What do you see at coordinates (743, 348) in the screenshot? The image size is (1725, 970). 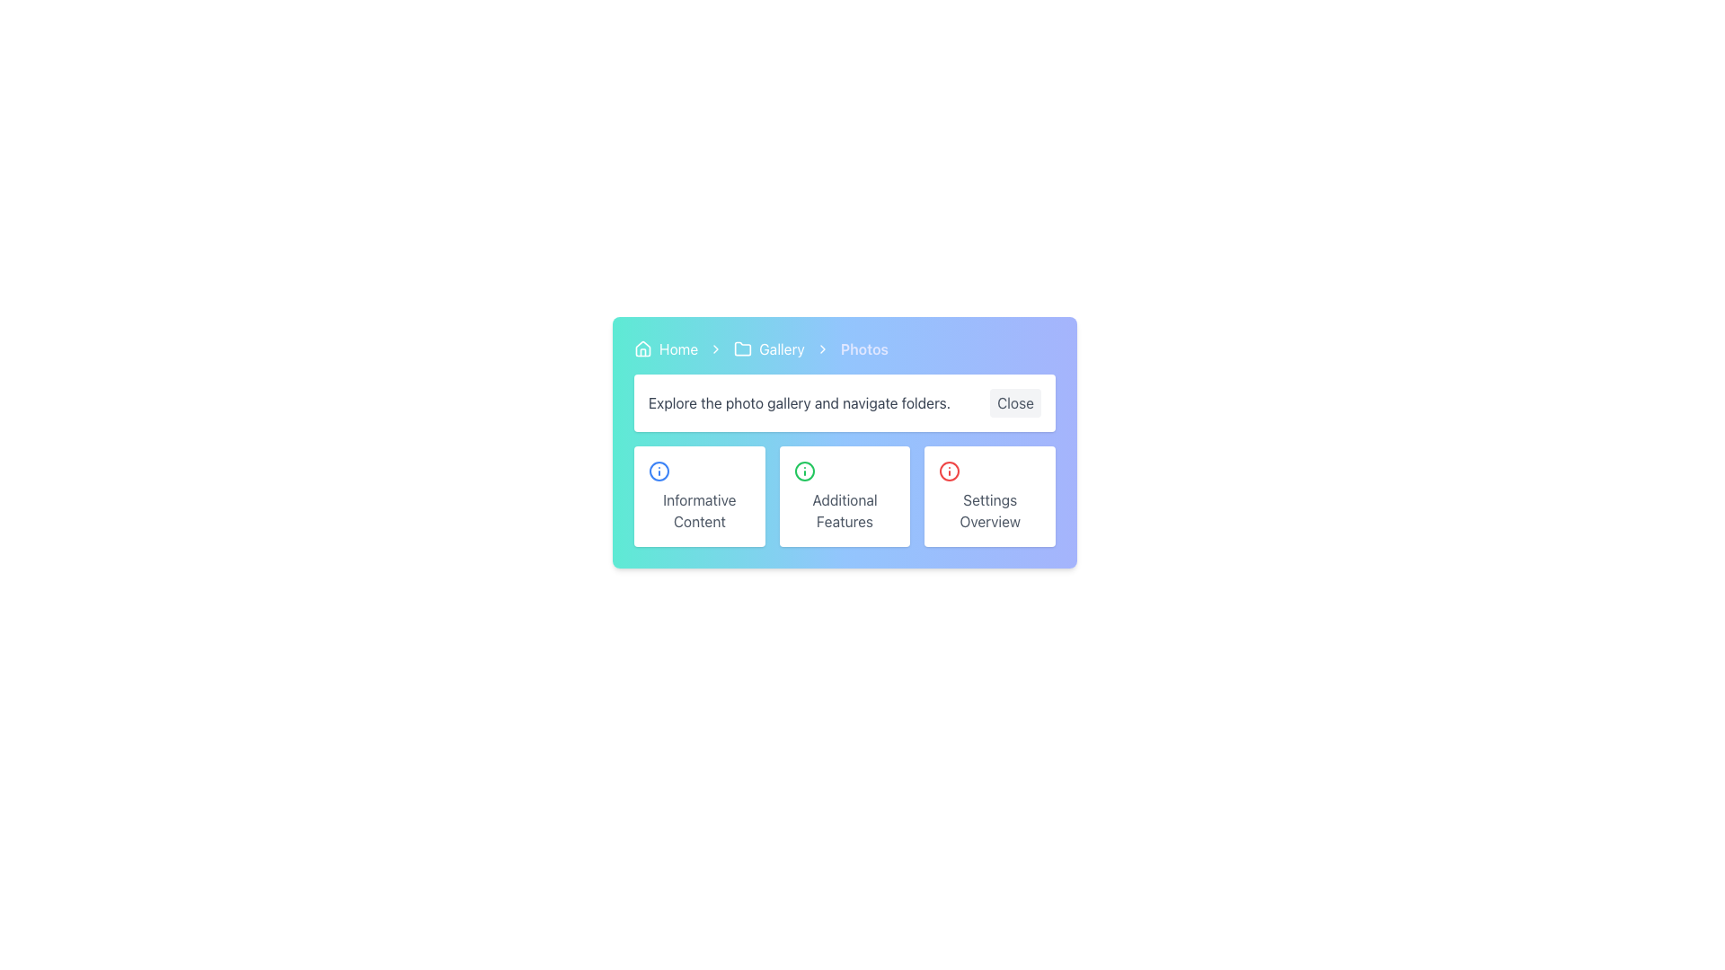 I see `the Graphic icon (folder icon) representing the 'Gallery' step in the breadcrumb navigation bar, located between 'Home' and 'Photos'` at bounding box center [743, 348].